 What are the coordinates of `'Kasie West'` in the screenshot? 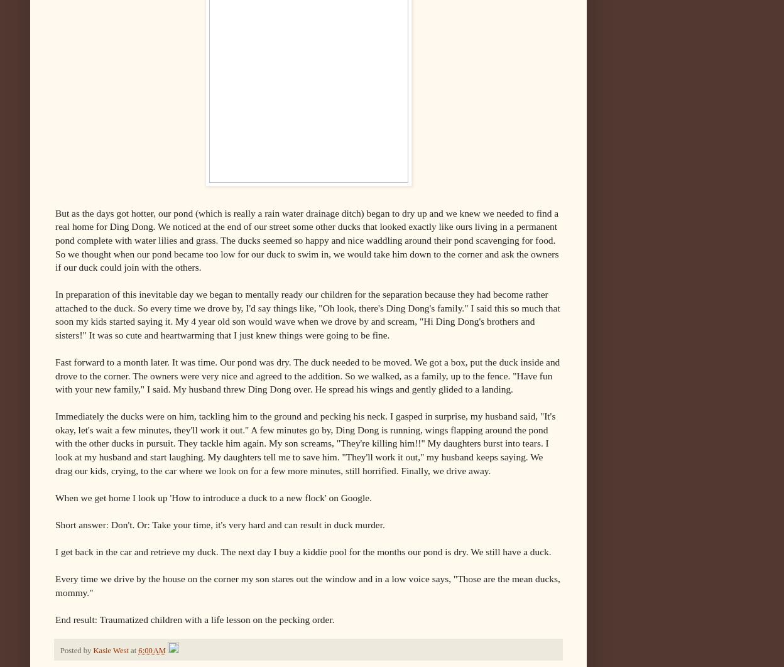 It's located at (109, 649).